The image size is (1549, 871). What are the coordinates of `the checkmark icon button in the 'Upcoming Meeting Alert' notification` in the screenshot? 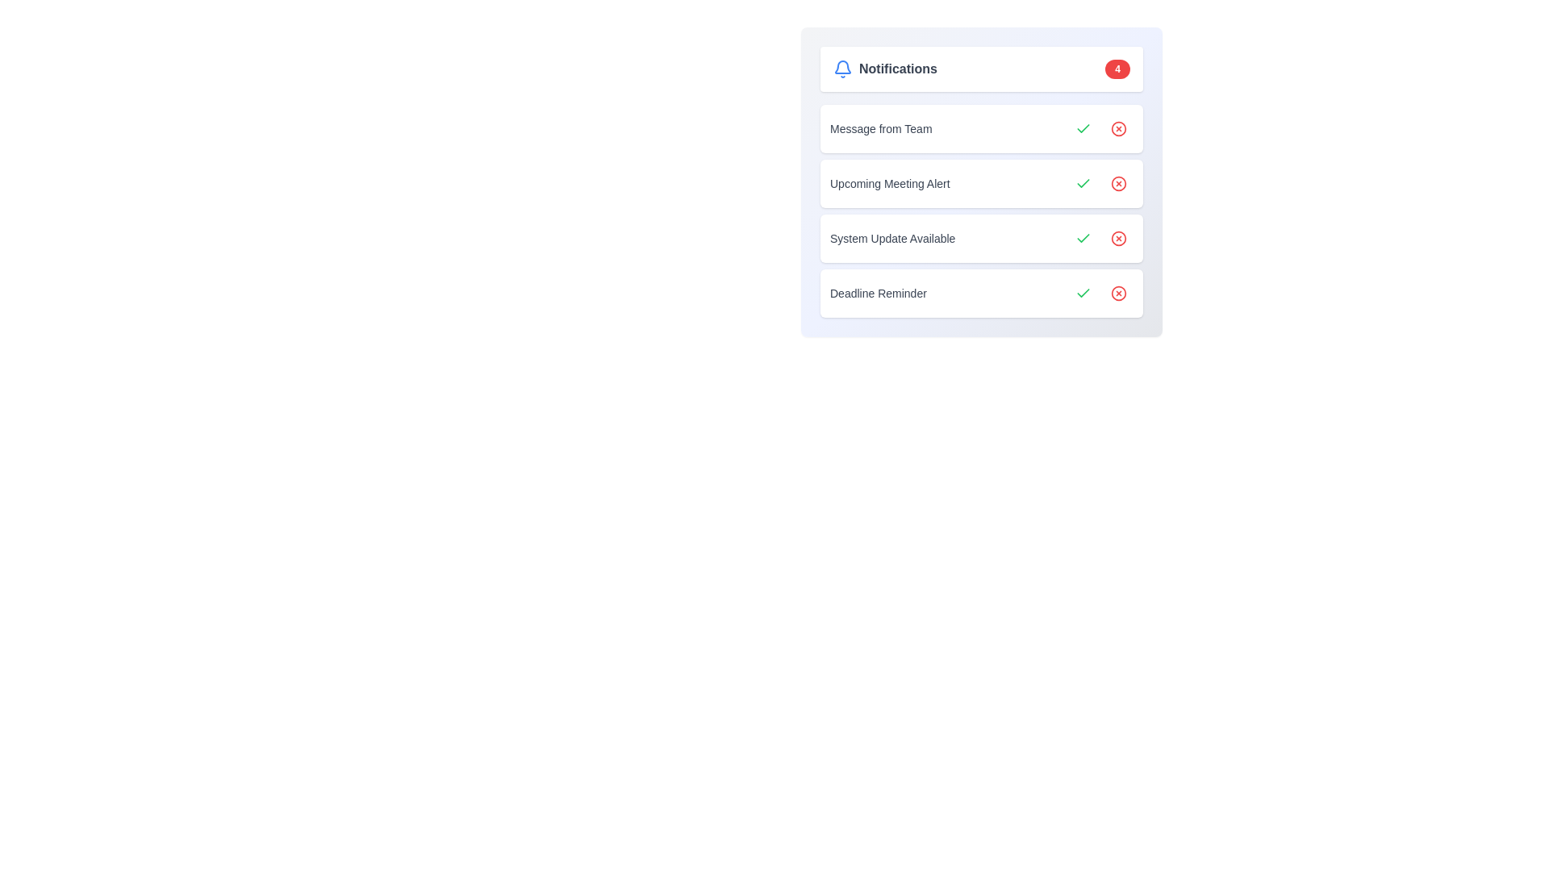 It's located at (1083, 182).